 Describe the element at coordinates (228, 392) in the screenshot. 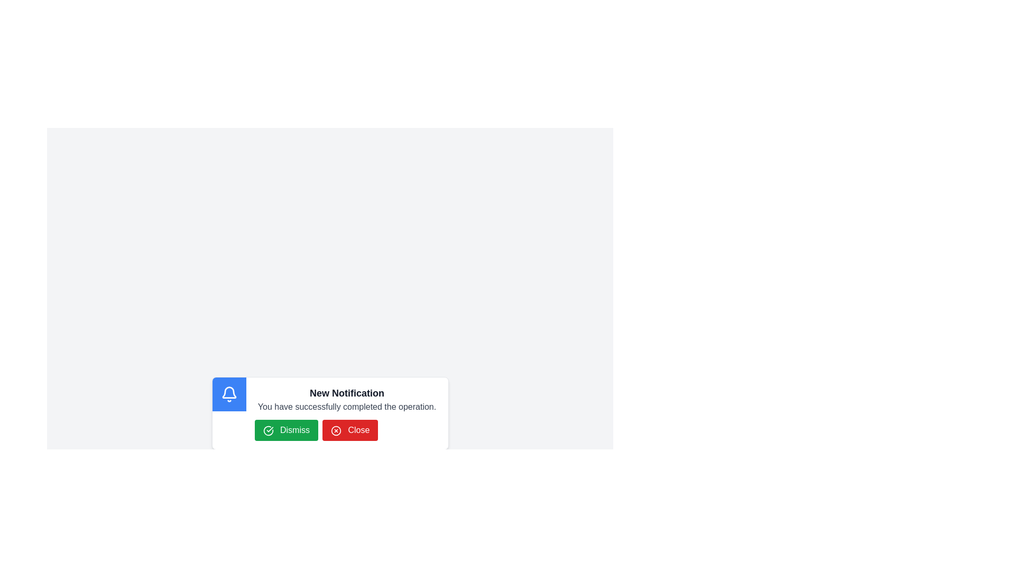

I see `the bell-shaped icon representing notifications, located to the left of the text 'New Notification'` at that location.